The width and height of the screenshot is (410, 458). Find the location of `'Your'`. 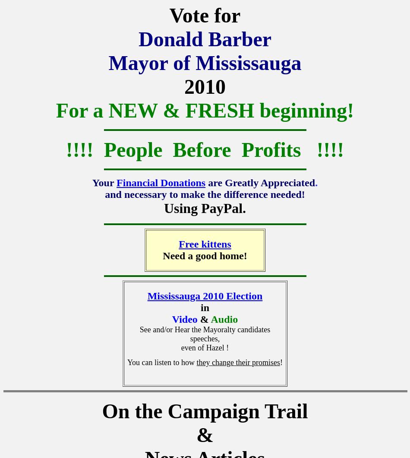

'Your' is located at coordinates (91, 182).